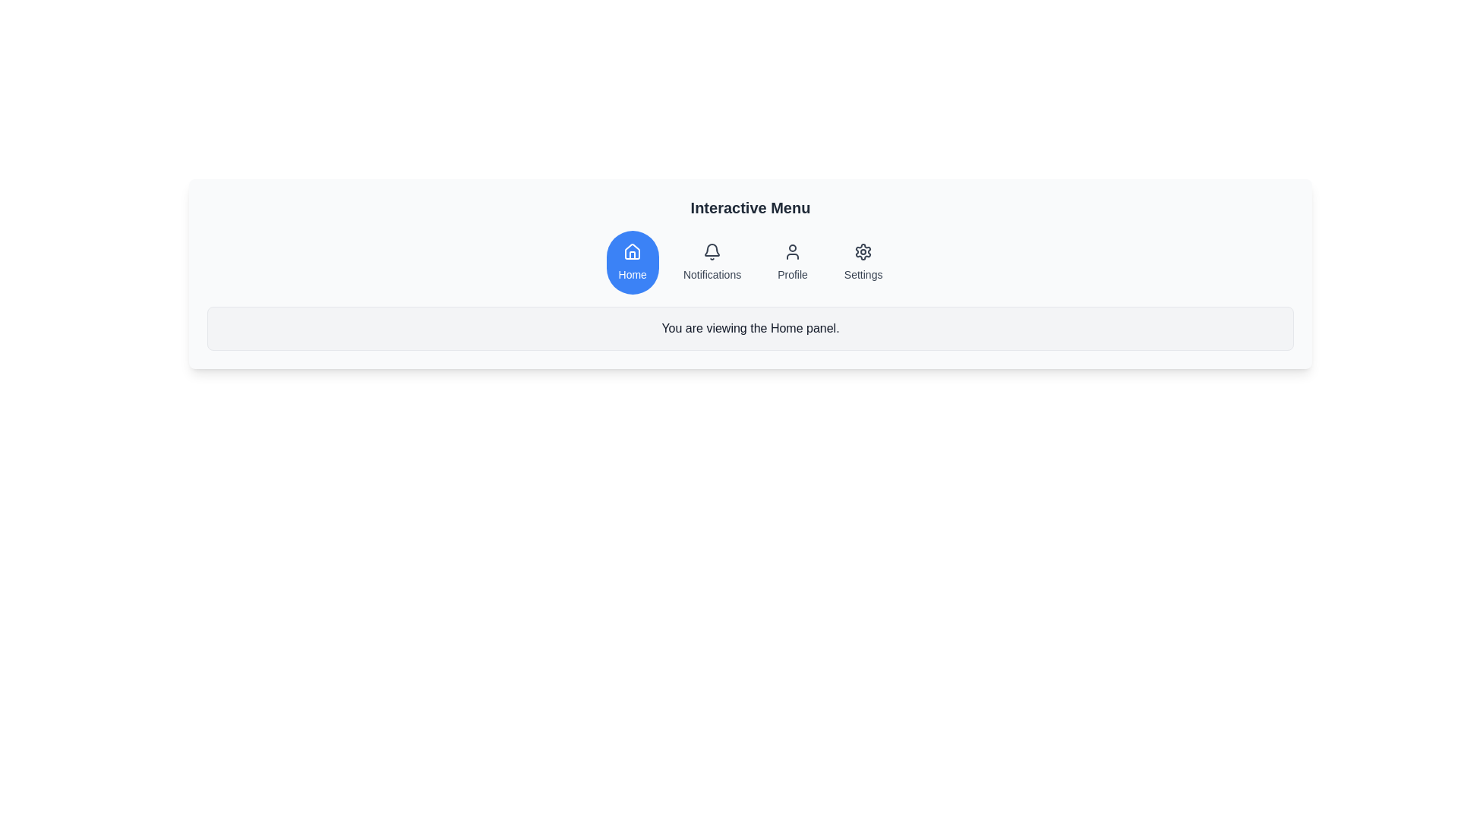 This screenshot has width=1458, height=820. Describe the element at coordinates (792, 262) in the screenshot. I see `the 'Profile' button in the navigation bar` at that location.